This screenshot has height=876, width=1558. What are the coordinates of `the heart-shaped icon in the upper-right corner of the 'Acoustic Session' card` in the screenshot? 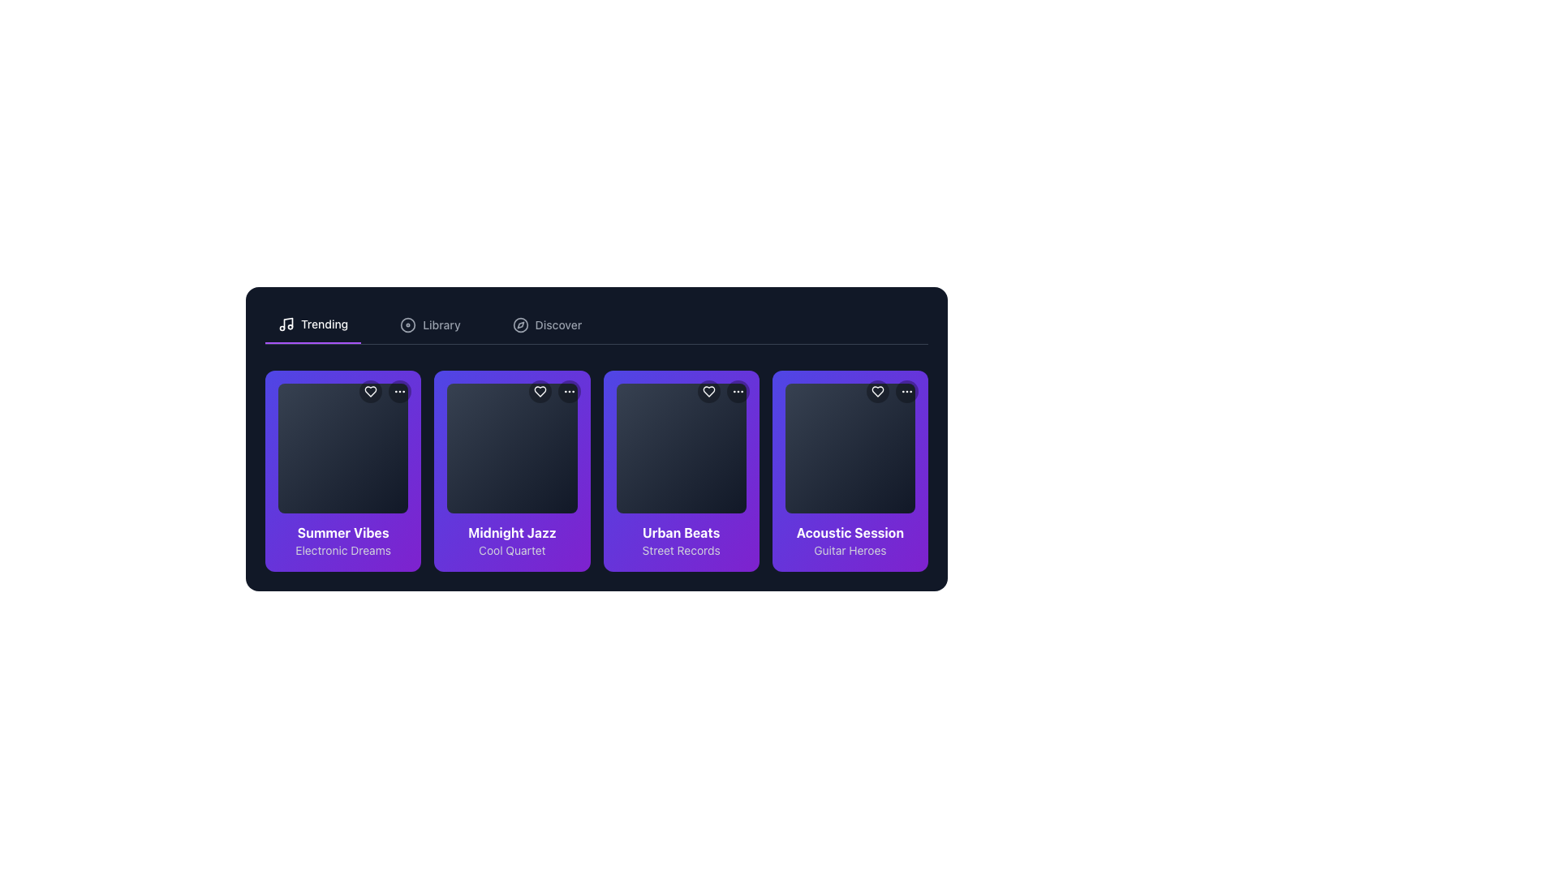 It's located at (876, 391).